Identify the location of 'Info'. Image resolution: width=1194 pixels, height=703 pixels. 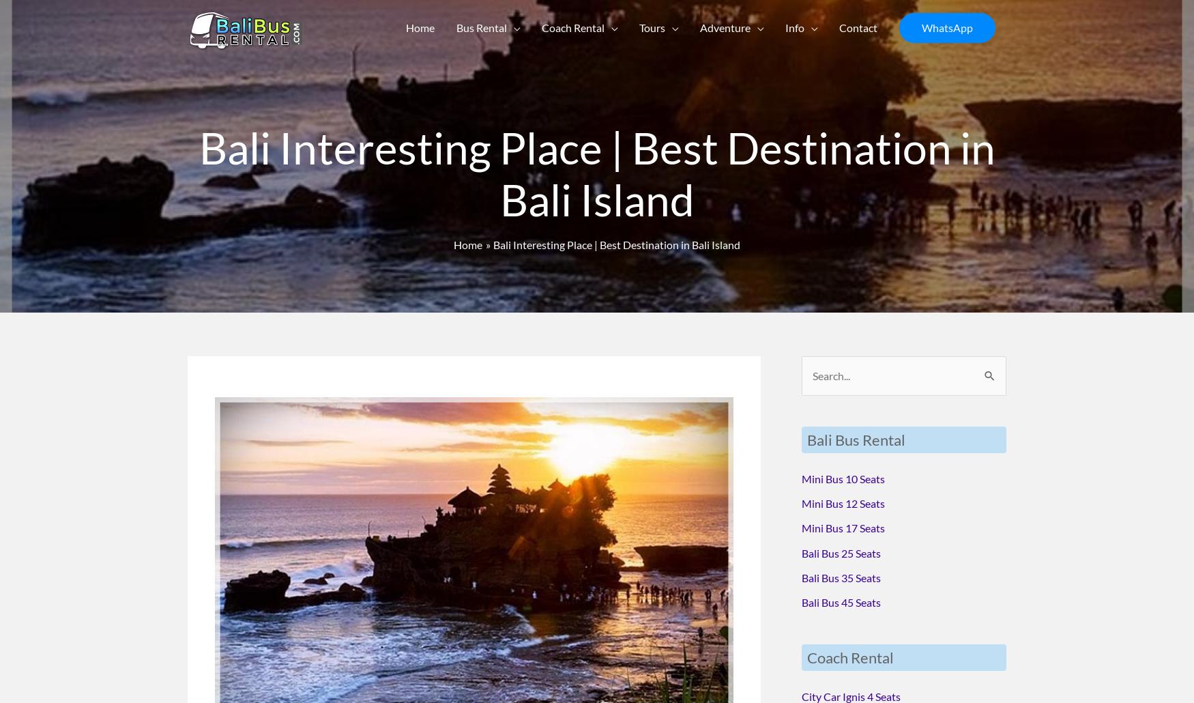
(793, 30).